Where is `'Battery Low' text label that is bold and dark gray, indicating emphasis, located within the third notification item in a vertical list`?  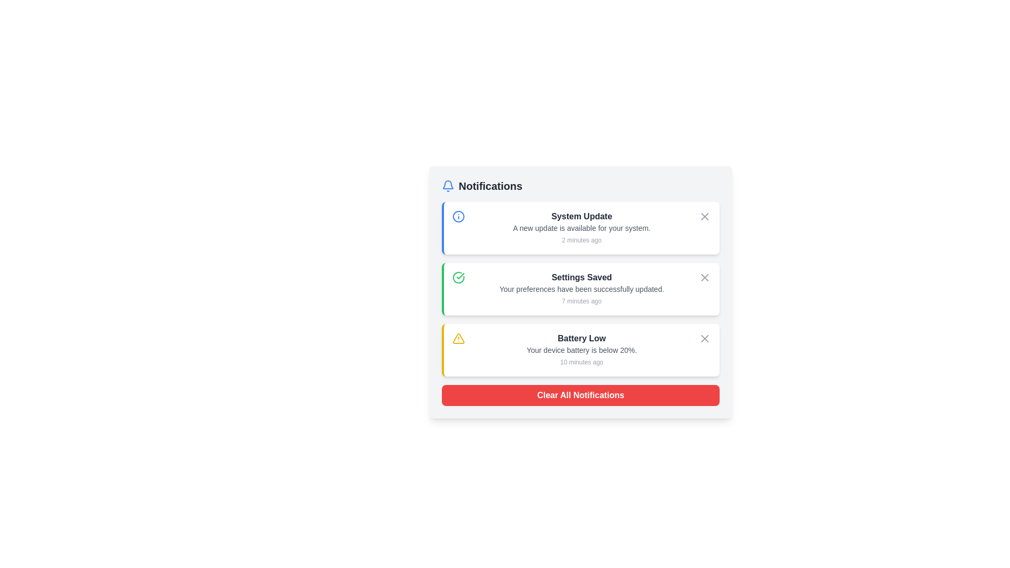
'Battery Low' text label that is bold and dark gray, indicating emphasis, located within the third notification item in a vertical list is located at coordinates (581, 339).